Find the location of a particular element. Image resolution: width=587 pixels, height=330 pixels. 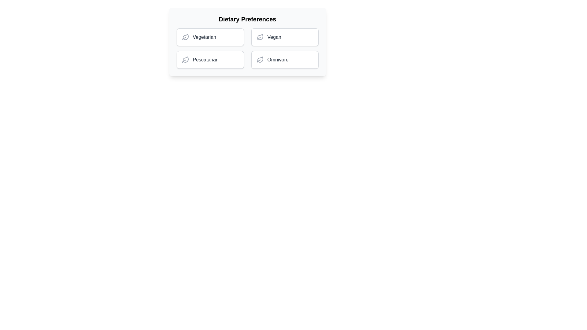

the leaf icon located in the 'Vegan' button under the 'Dietary Preferences' section, which is in the top-right button of a 2x2 grid is located at coordinates (260, 37).